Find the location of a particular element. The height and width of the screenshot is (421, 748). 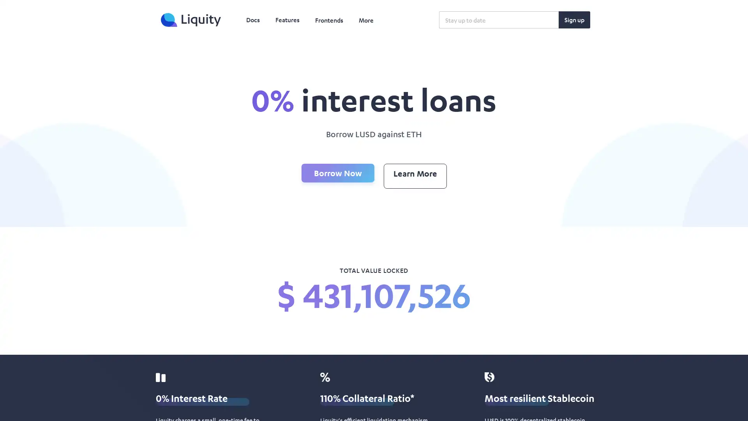

Sign up is located at coordinates (574, 19).